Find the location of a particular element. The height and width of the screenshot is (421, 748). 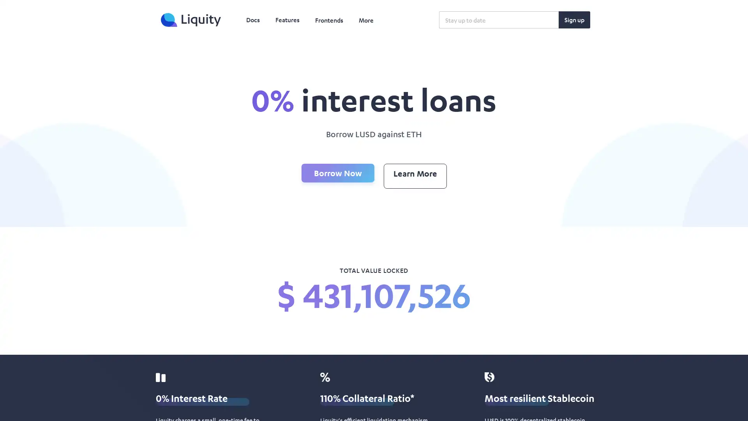

Sign up is located at coordinates (574, 19).